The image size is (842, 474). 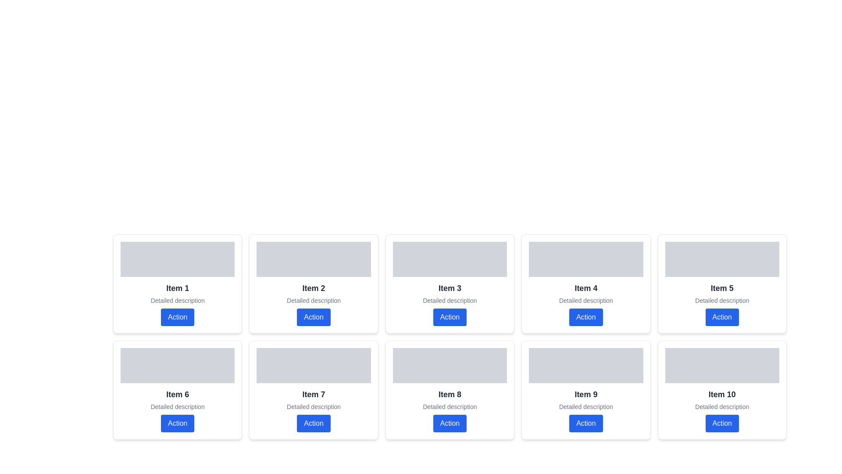 I want to click on the rectangular placeholder with a light grey background at the top of the card labeled 'Item 8', which is positioned in the second row and fourth column of the grid layout, so click(x=450, y=366).